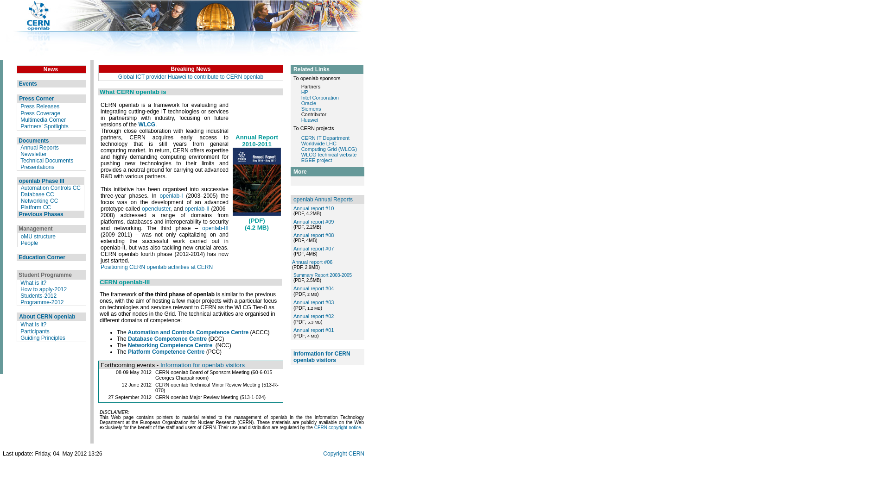 This screenshot has width=890, height=500. What do you see at coordinates (20, 296) in the screenshot?
I see `'Students-2012'` at bounding box center [20, 296].